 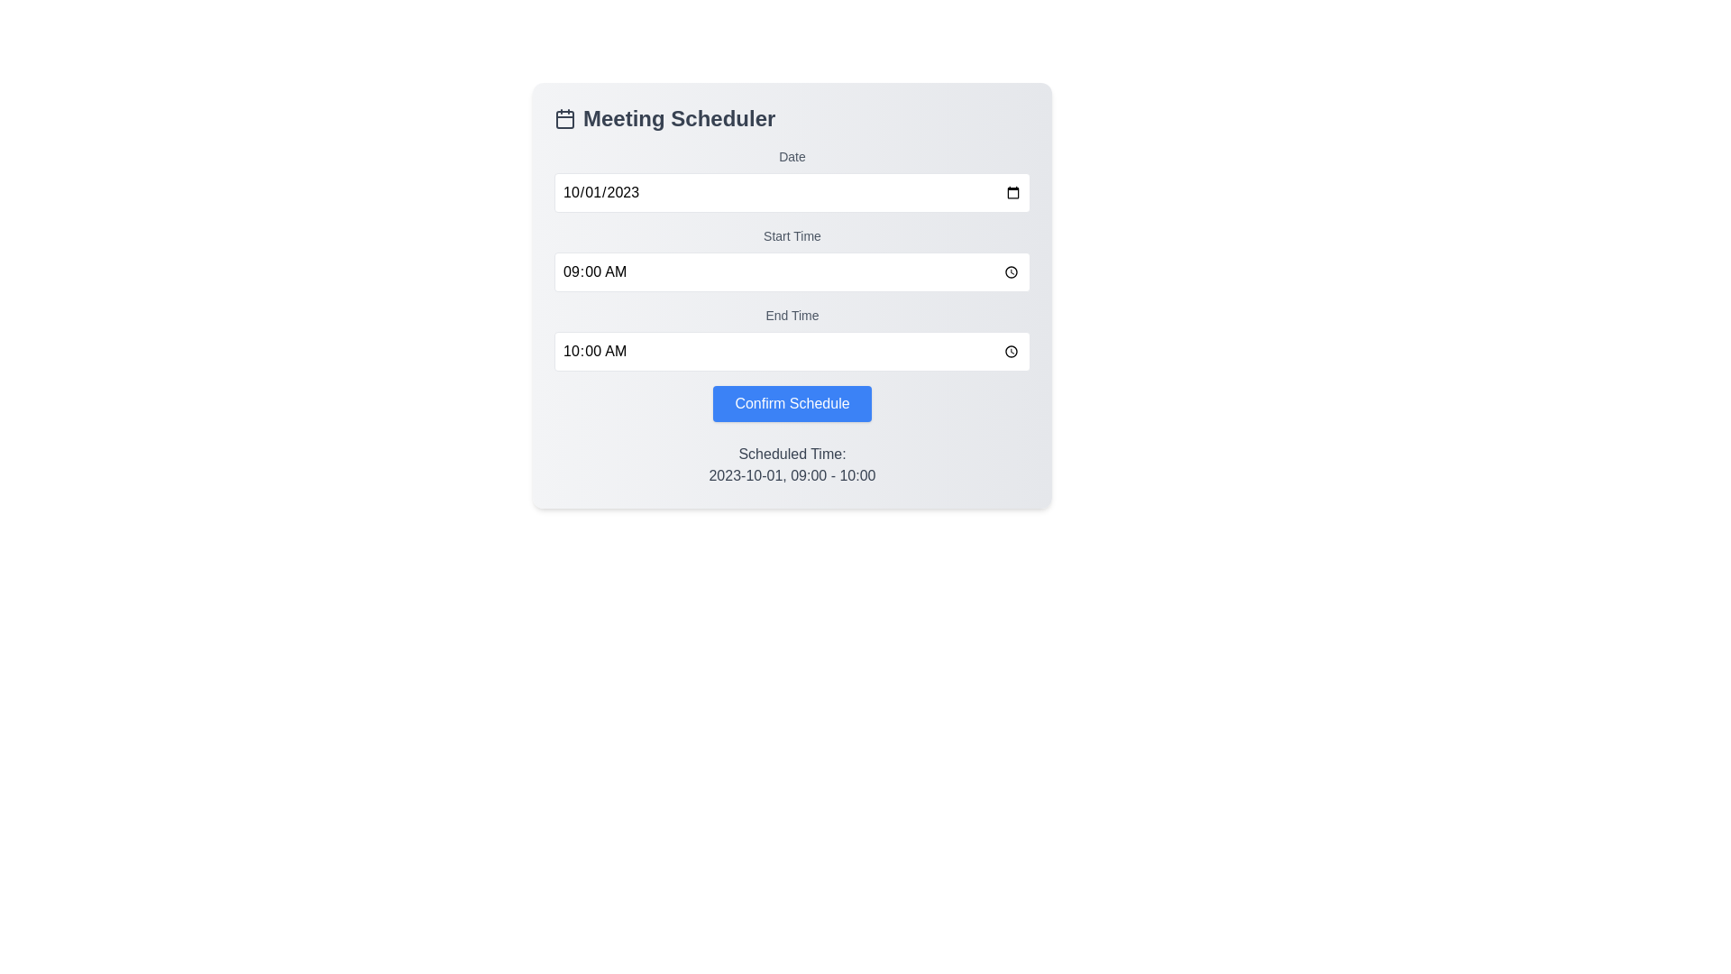 What do you see at coordinates (792, 192) in the screenshot?
I see `the Date input field in the 'Meeting Scheduler' panel to input a date by using the tab key` at bounding box center [792, 192].